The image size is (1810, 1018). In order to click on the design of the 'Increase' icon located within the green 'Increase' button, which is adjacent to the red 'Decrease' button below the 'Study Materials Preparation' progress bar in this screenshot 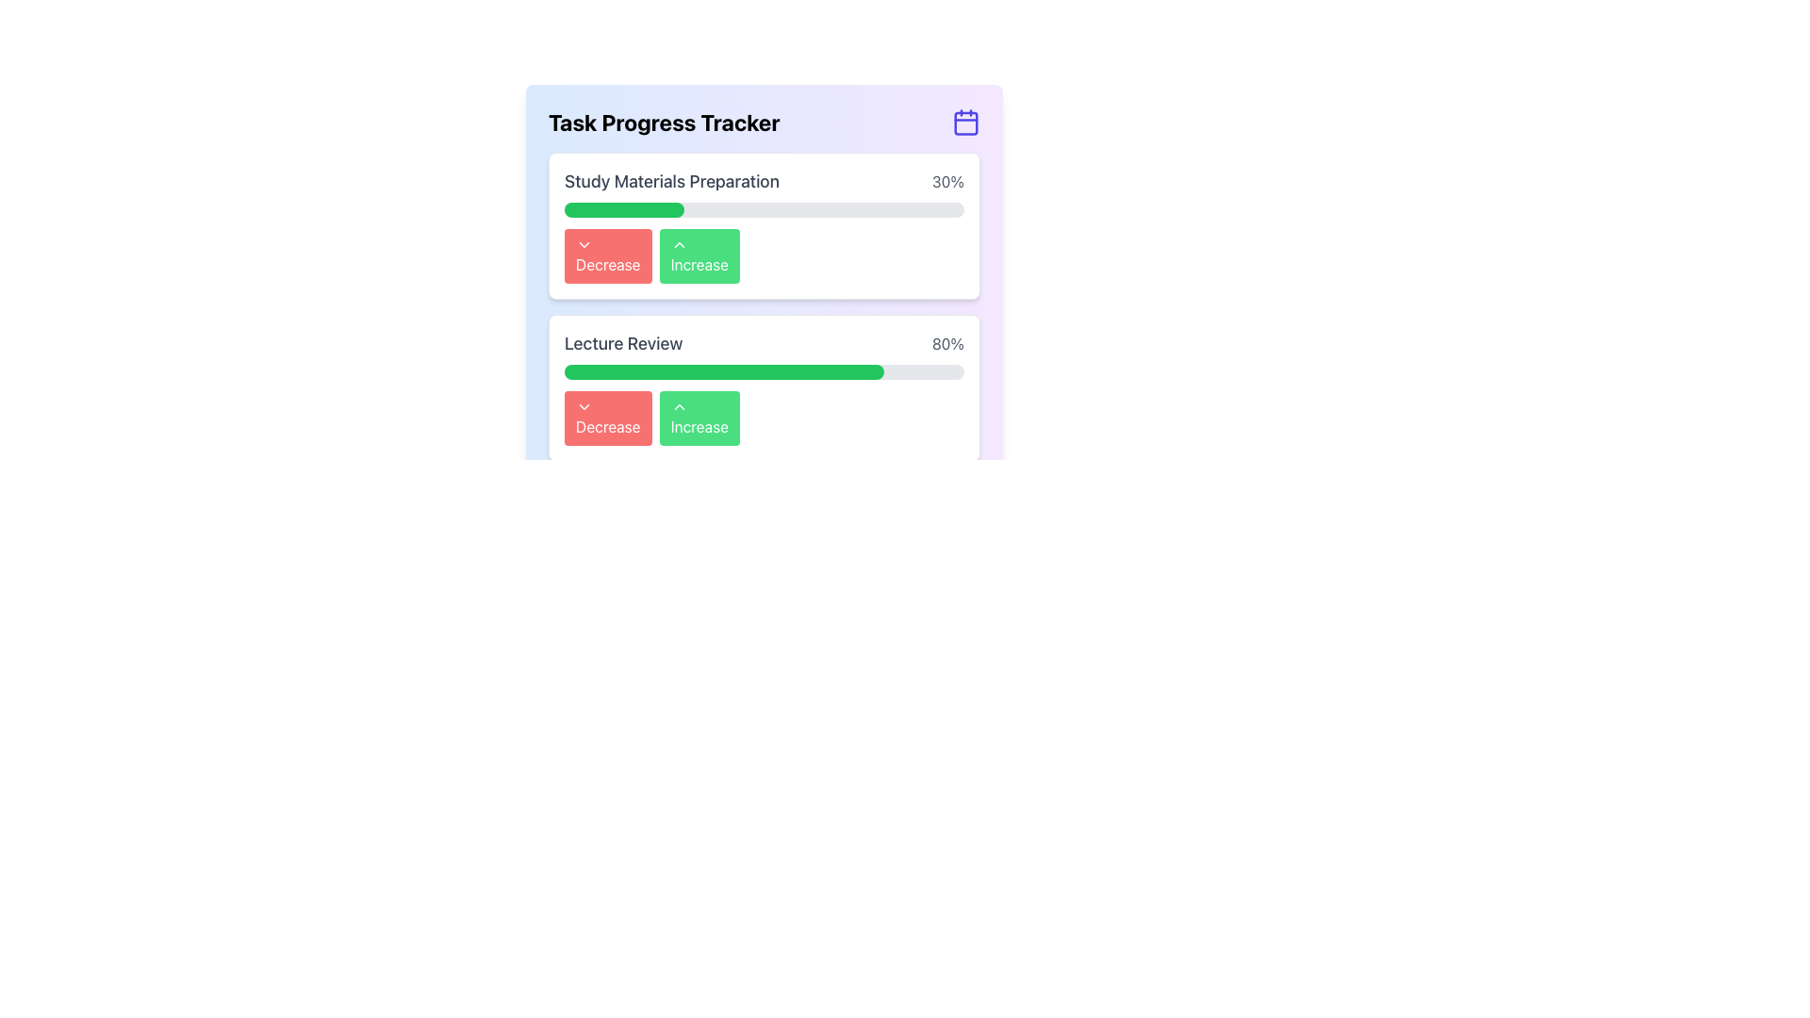, I will do `click(679, 243)`.